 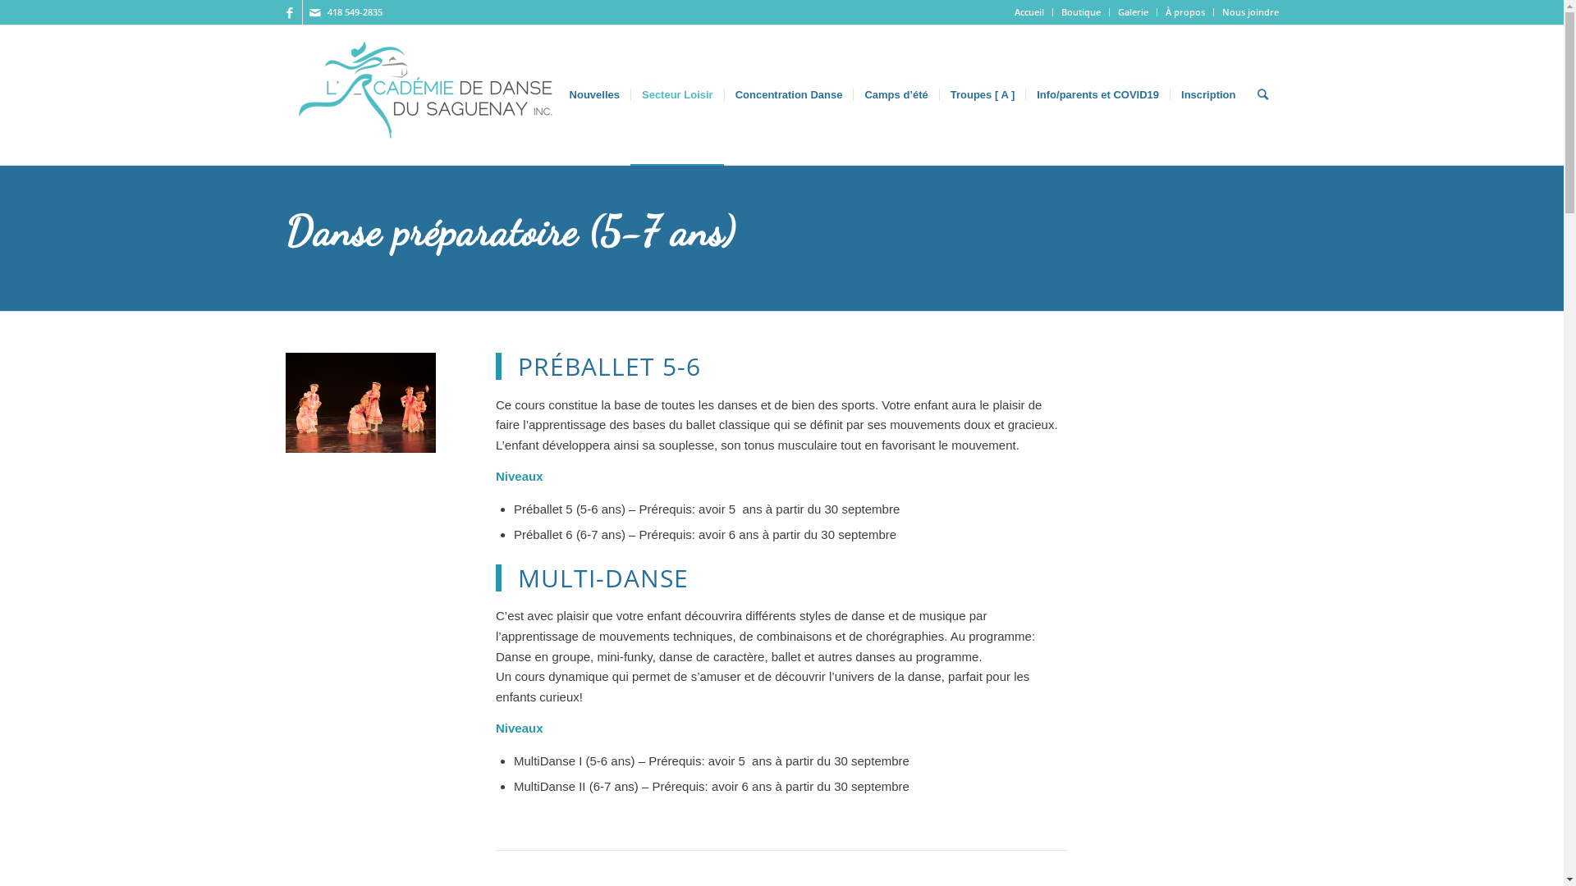 I want to click on 'Troupes [ A ]', so click(x=982, y=94).